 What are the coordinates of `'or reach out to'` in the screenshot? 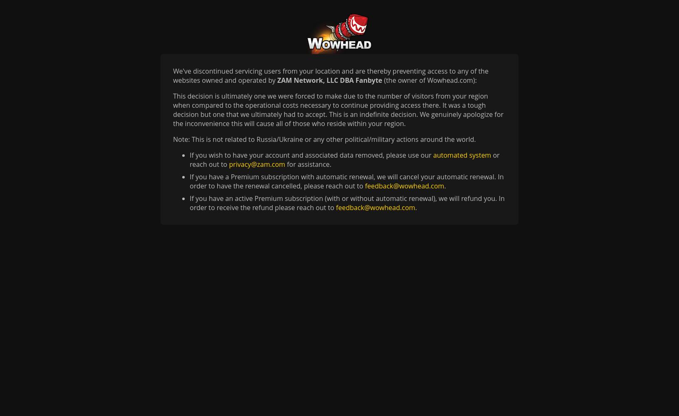 It's located at (344, 160).